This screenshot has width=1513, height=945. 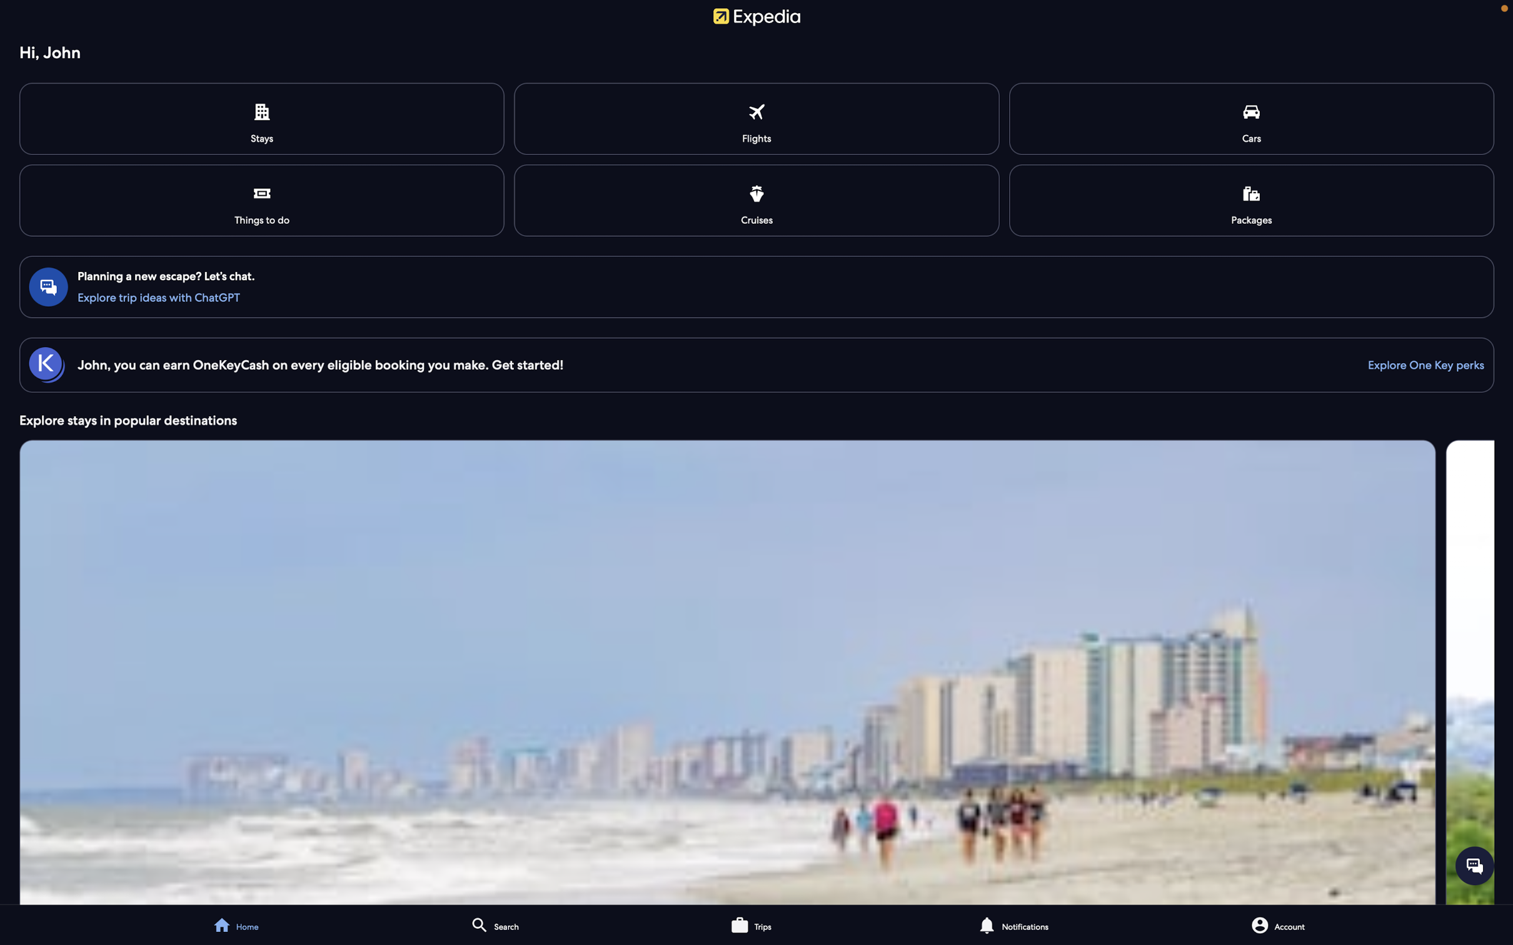 What do you see at coordinates (2178720, 1207237) in the screenshot?
I see `Visit and browse popular stay options` at bounding box center [2178720, 1207237].